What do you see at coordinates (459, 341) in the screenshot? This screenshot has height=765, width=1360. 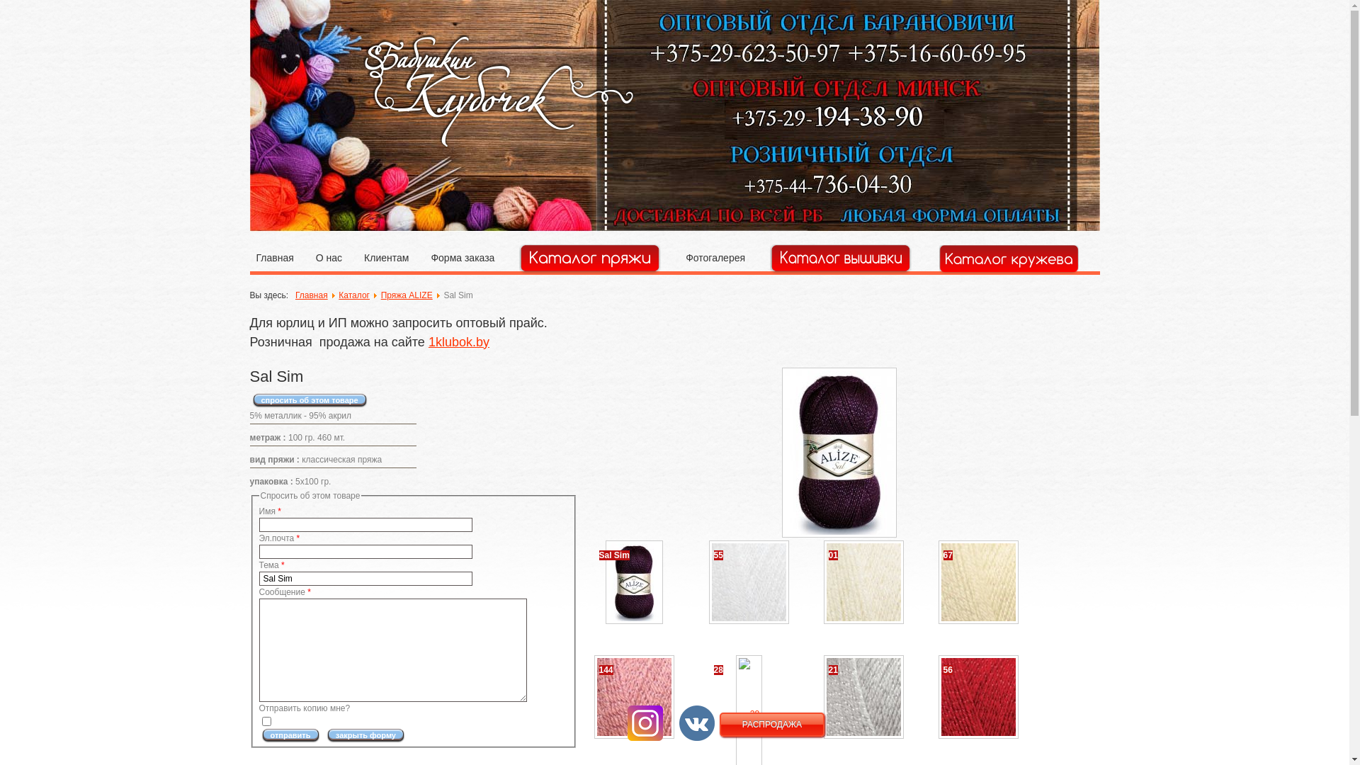 I see `'1klubok.by'` at bounding box center [459, 341].